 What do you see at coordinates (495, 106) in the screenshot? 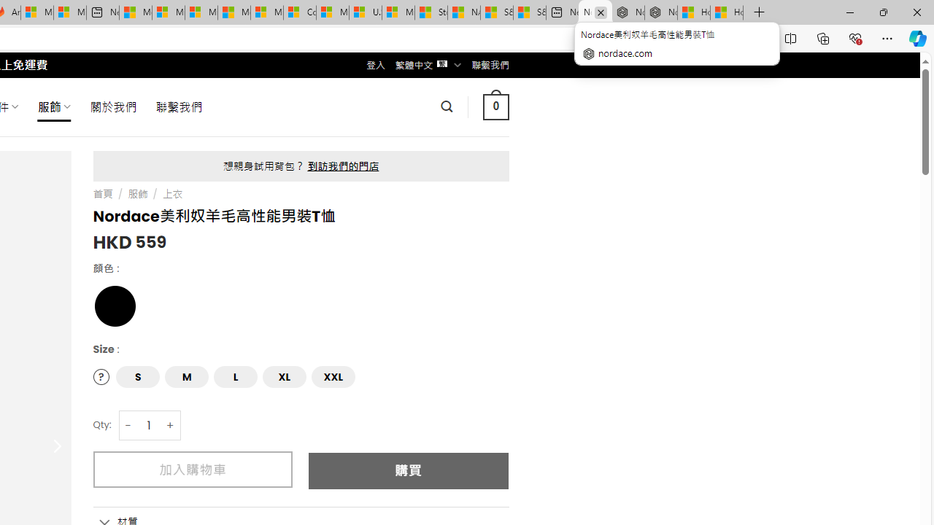
I see `' 0 '` at bounding box center [495, 106].